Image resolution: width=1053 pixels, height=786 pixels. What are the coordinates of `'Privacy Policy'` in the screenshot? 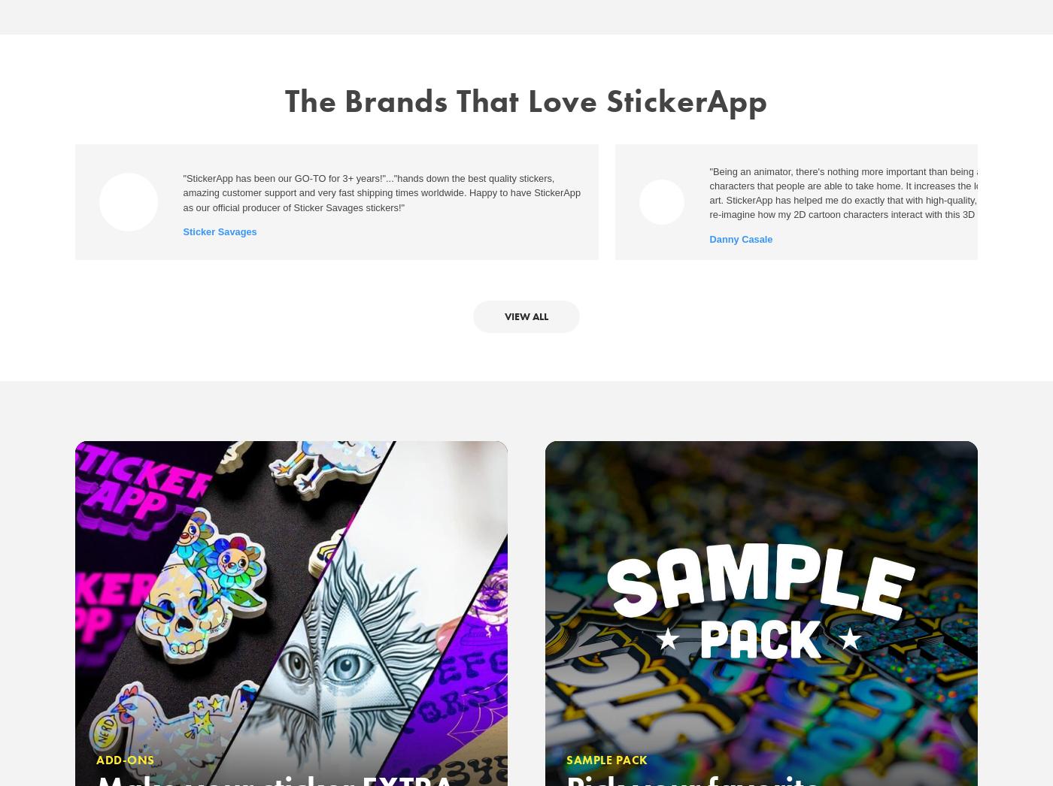 It's located at (551, 305).